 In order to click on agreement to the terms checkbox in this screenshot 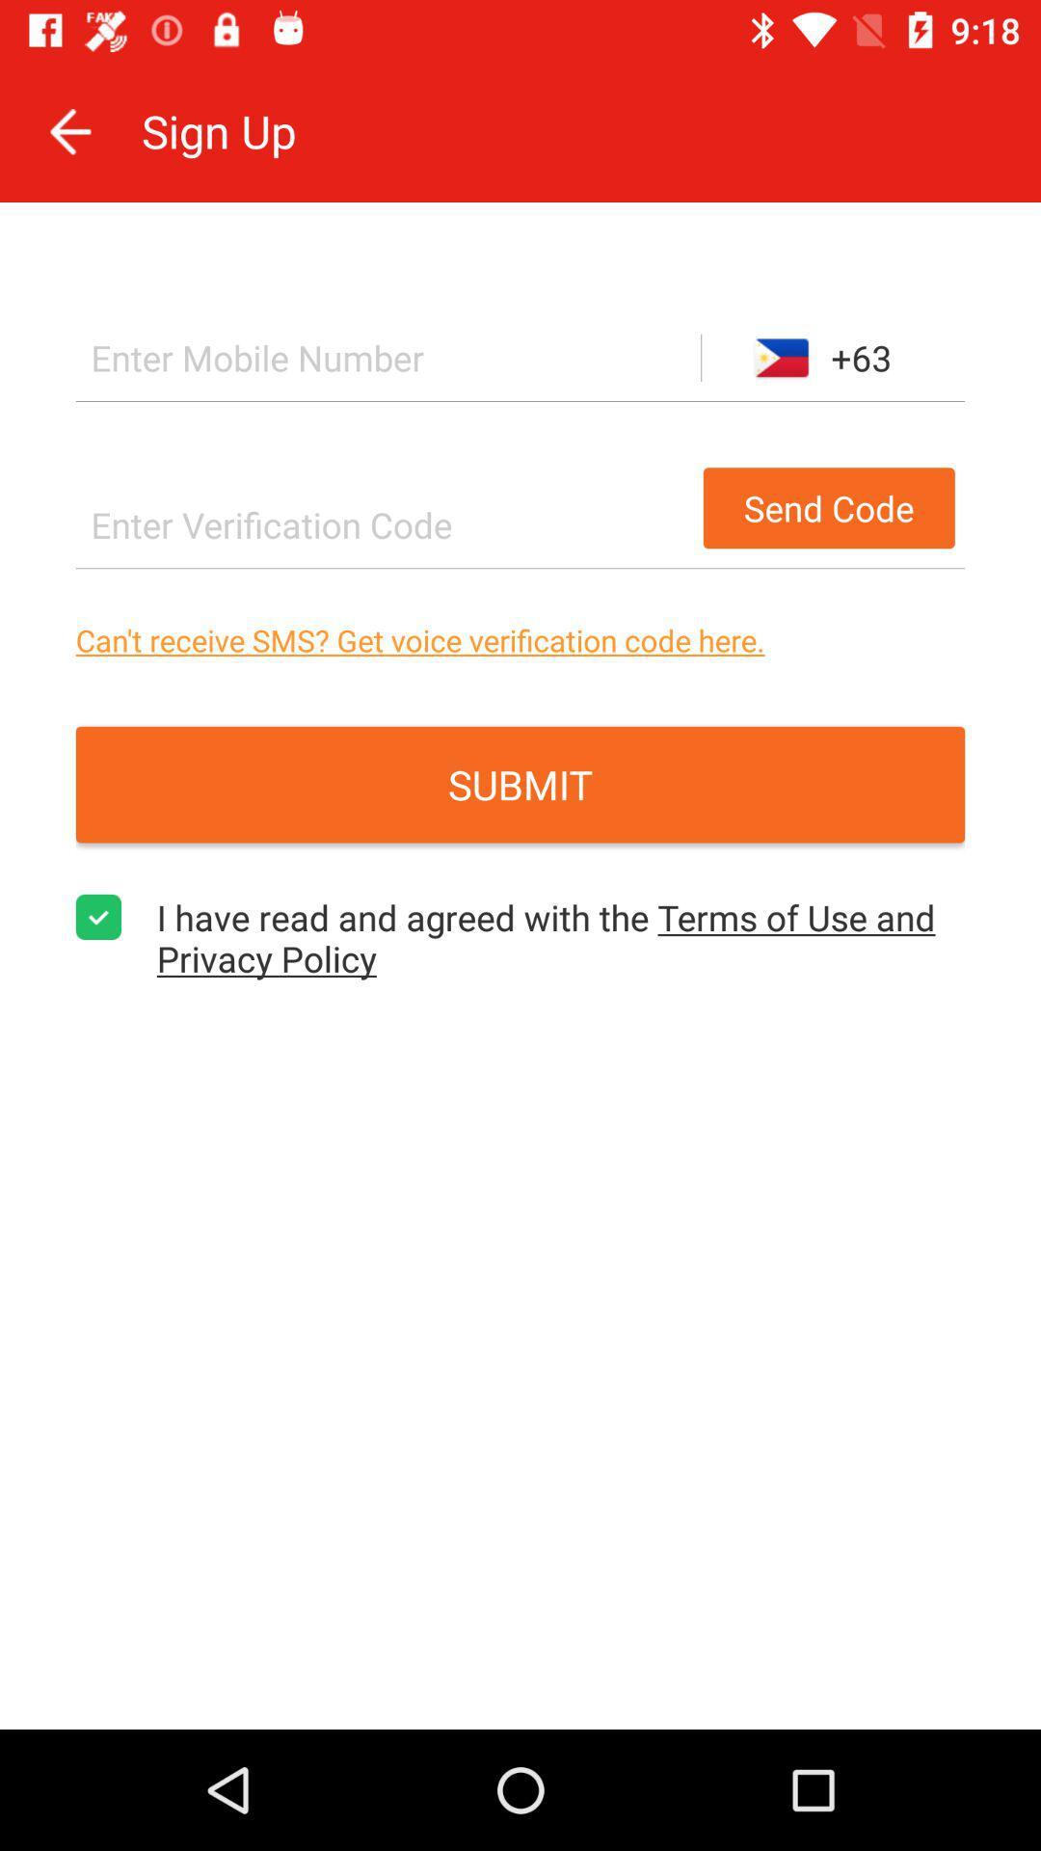, I will do `click(98, 916)`.